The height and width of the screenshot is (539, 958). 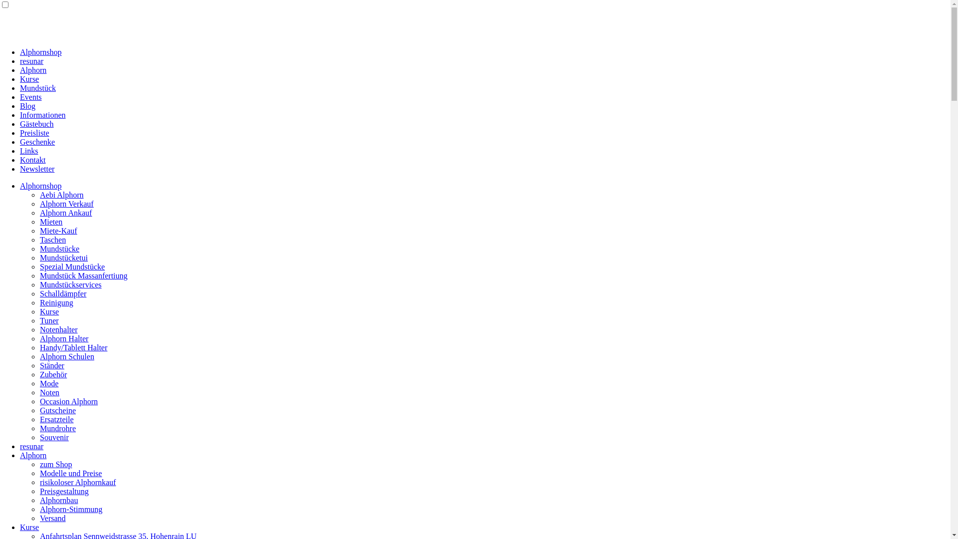 I want to click on 'Ersatzteile', so click(x=56, y=419).